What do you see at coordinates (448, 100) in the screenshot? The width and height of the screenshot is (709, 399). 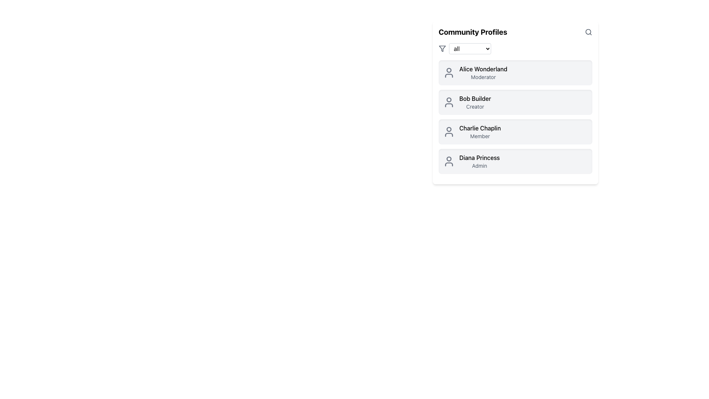 I see `the circle element that visually represents the head of the user icon in the profile, located at the top-center of the user profile icon for 'Bob Builder'` at bounding box center [448, 100].